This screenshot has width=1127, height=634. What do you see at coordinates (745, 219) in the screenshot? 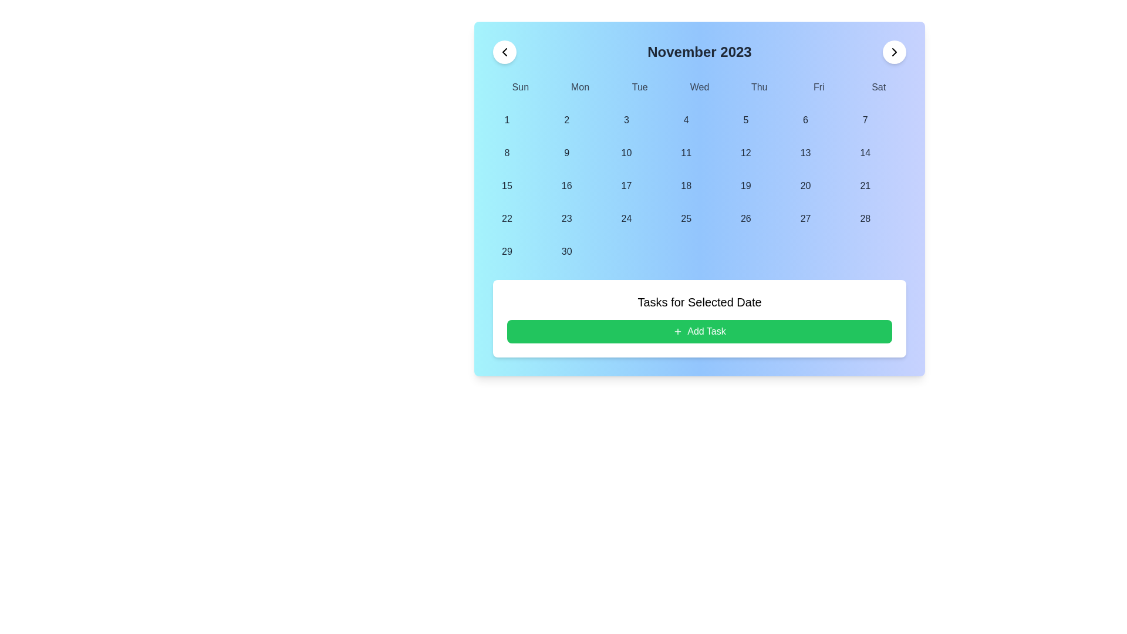
I see `the button labeled '26' in the calendar interface` at bounding box center [745, 219].